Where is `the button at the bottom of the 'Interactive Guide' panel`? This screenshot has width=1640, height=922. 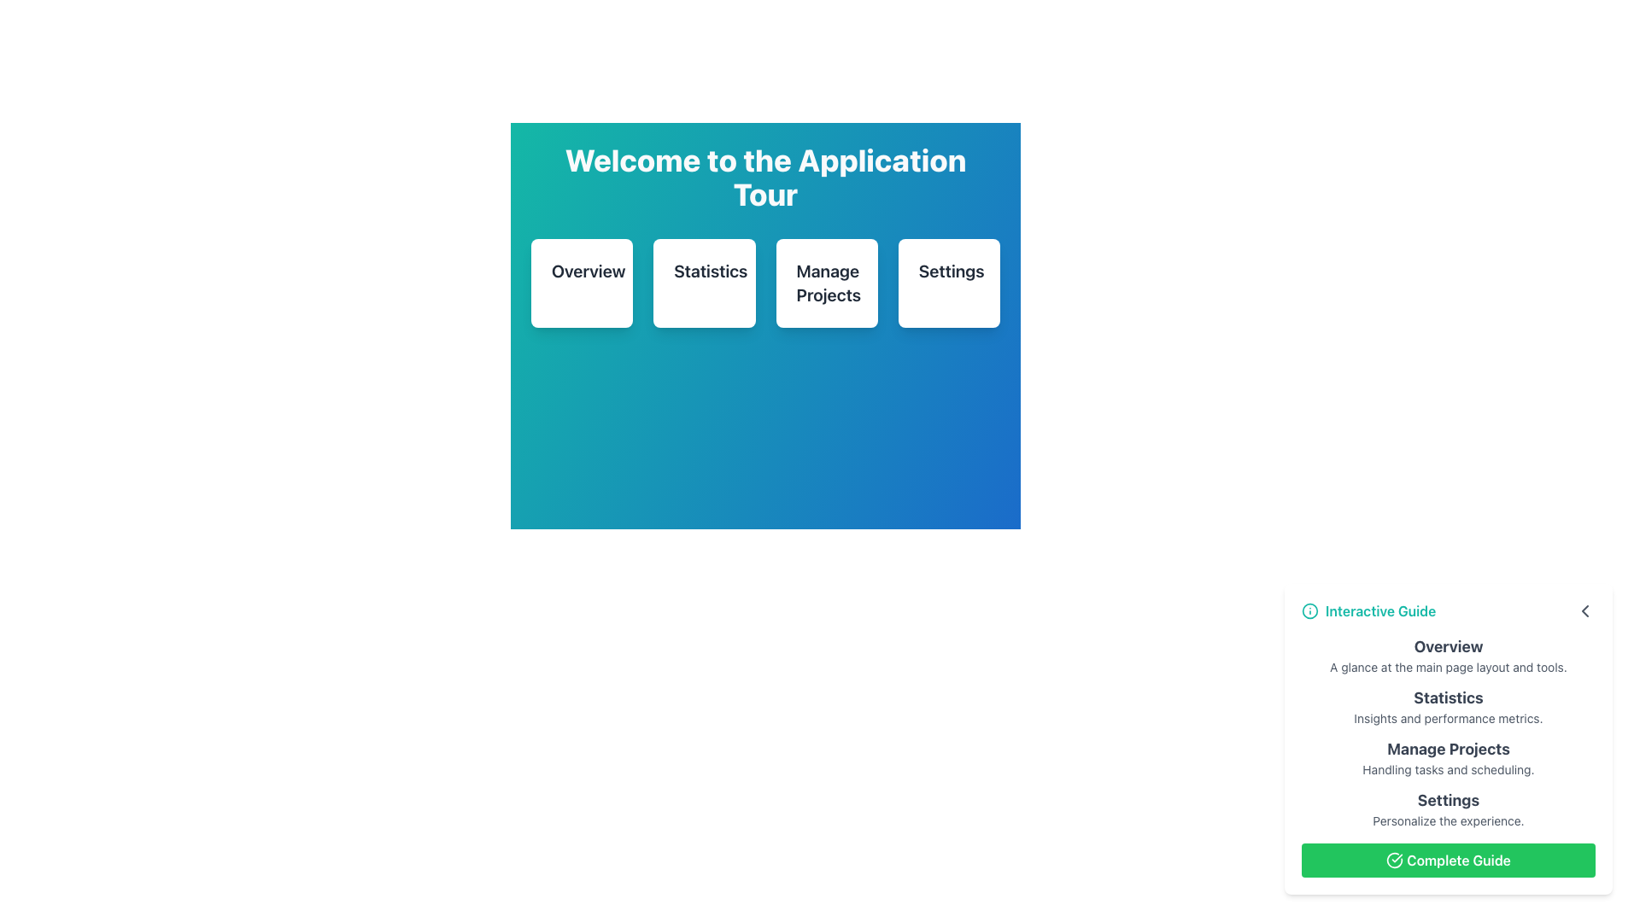
the button at the bottom of the 'Interactive Guide' panel is located at coordinates (1447, 860).